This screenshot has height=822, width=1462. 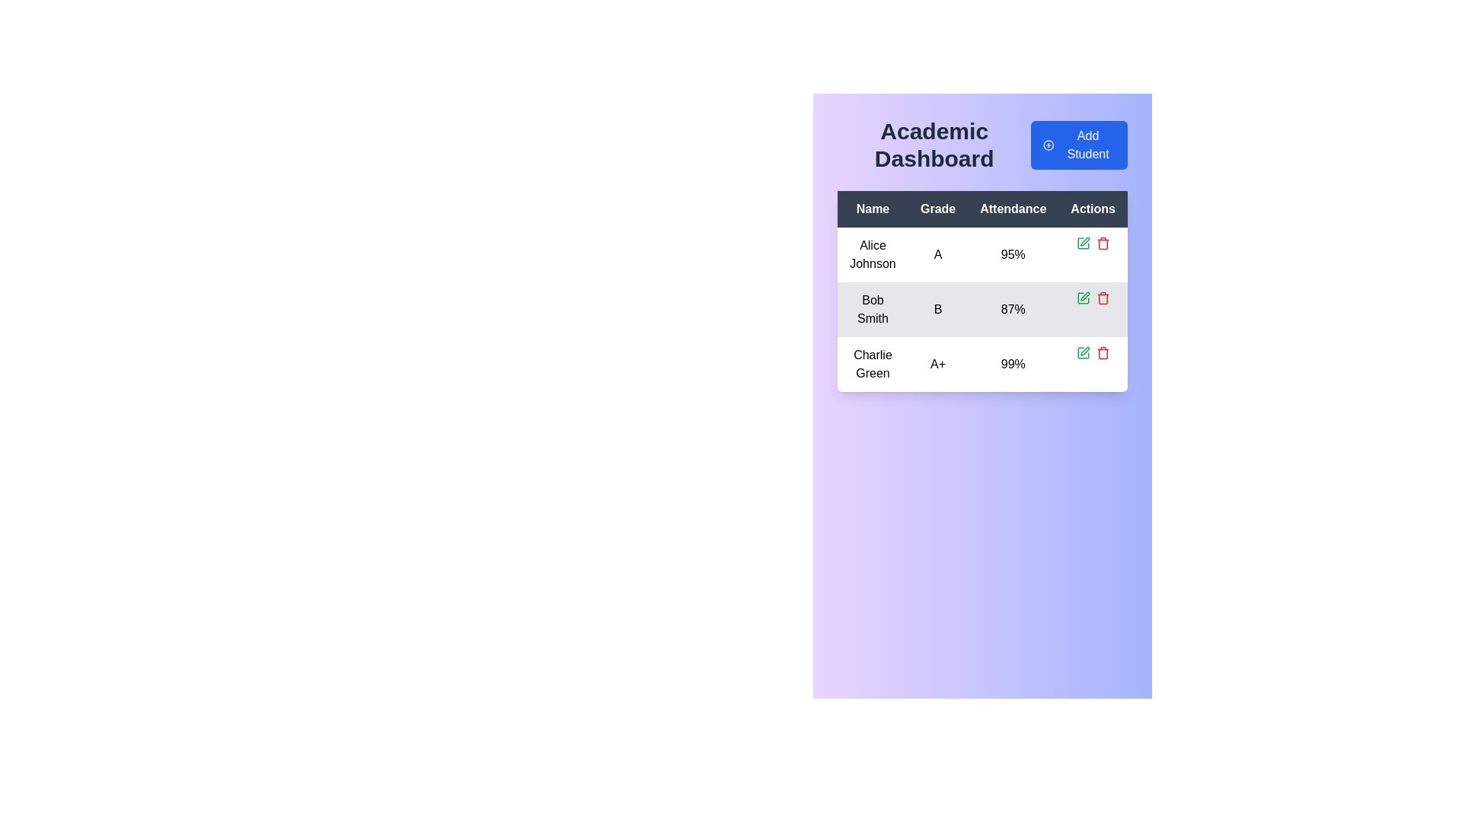 I want to click on the text label displaying 'Bob Smith' located in the second row under the 'Name' header of a table, so click(x=873, y=309).